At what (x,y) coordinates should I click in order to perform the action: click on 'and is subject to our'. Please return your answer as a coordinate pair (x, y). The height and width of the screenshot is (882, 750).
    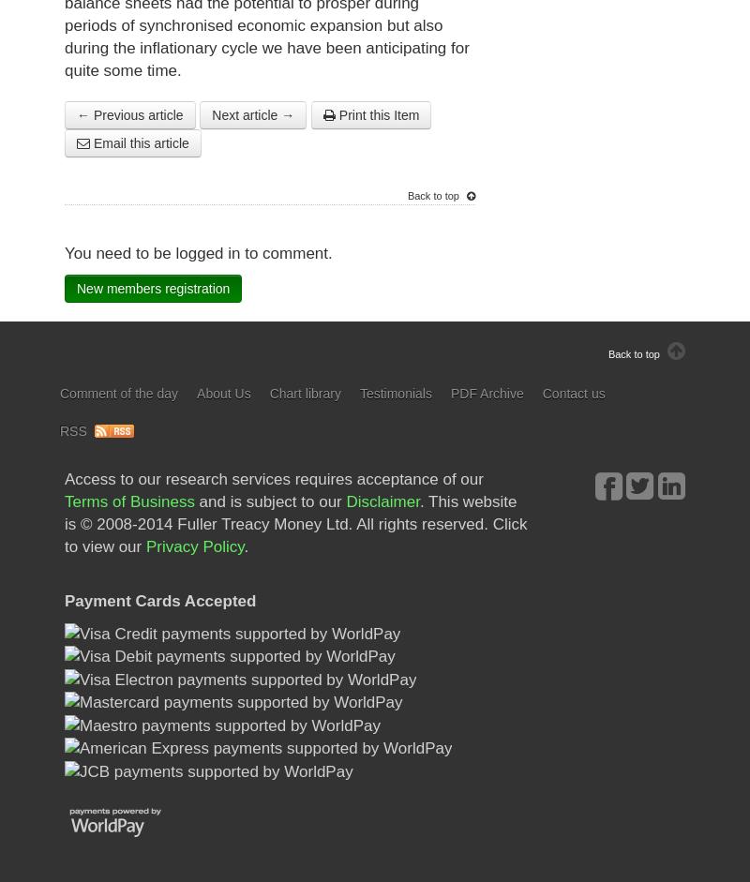
    Looking at the image, I should click on (270, 501).